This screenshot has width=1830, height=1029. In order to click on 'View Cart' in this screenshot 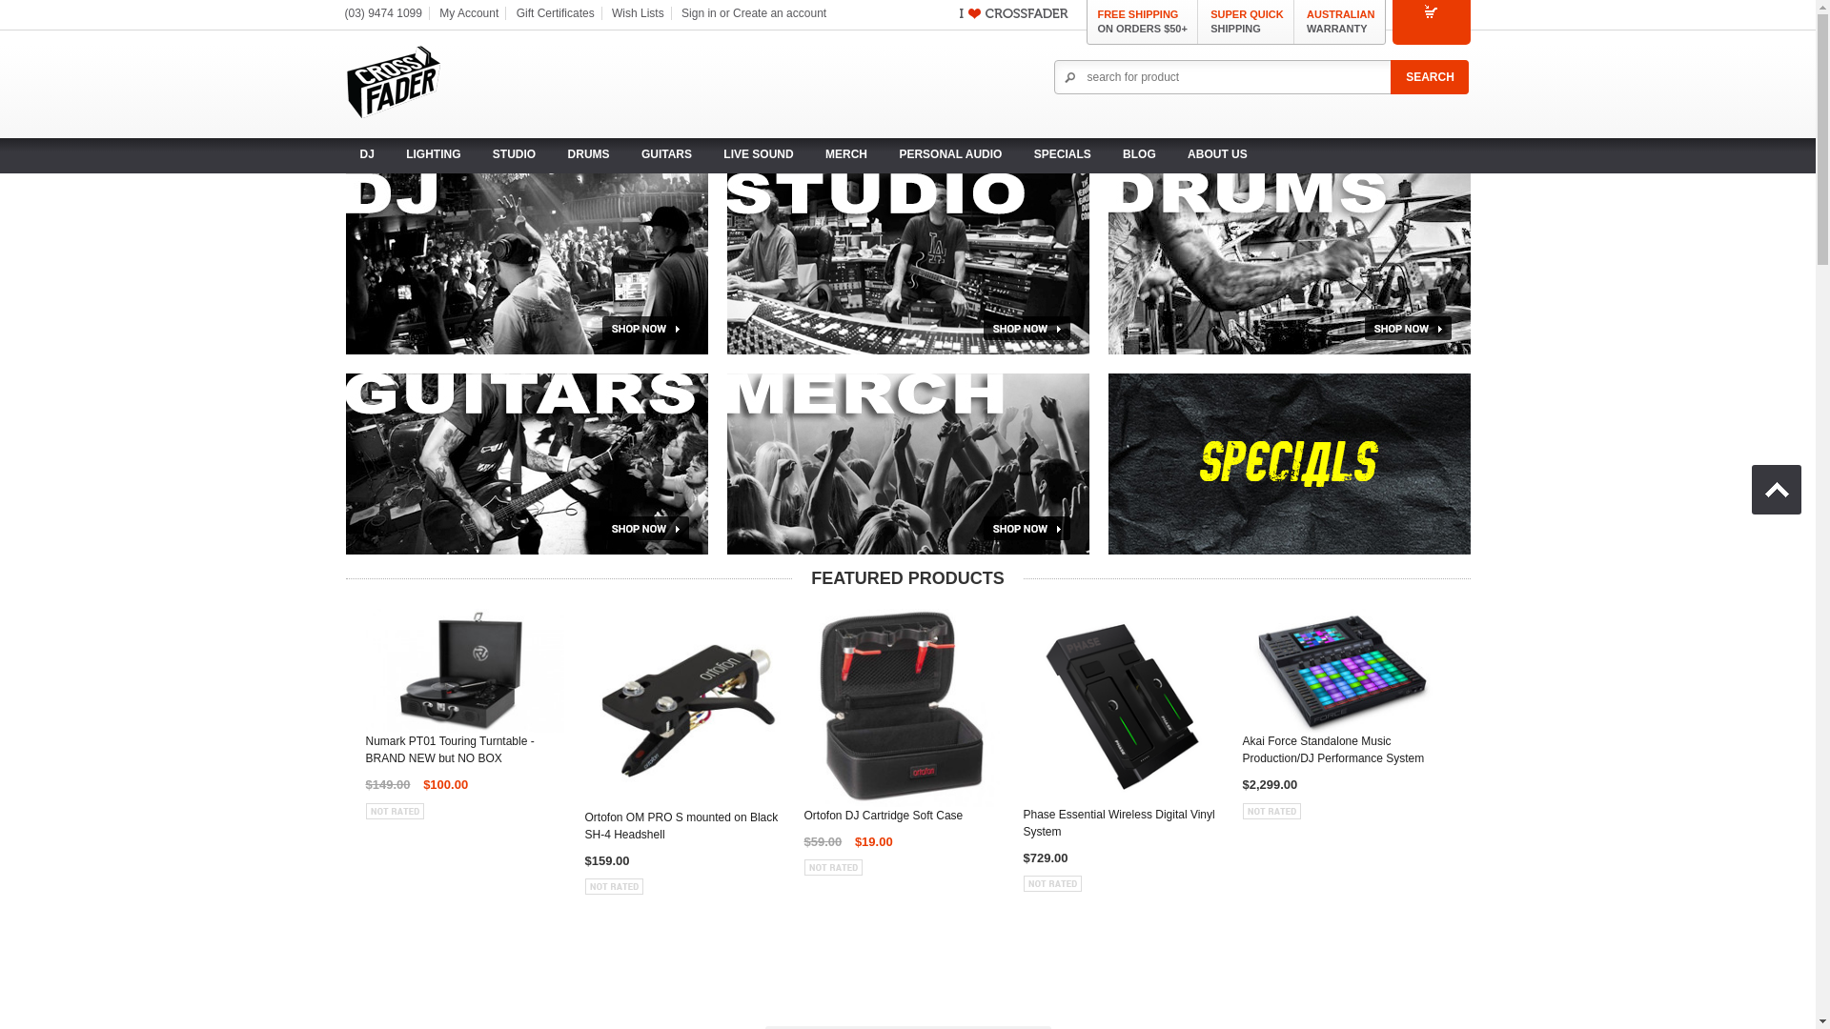, I will do `click(1431, 10)`.